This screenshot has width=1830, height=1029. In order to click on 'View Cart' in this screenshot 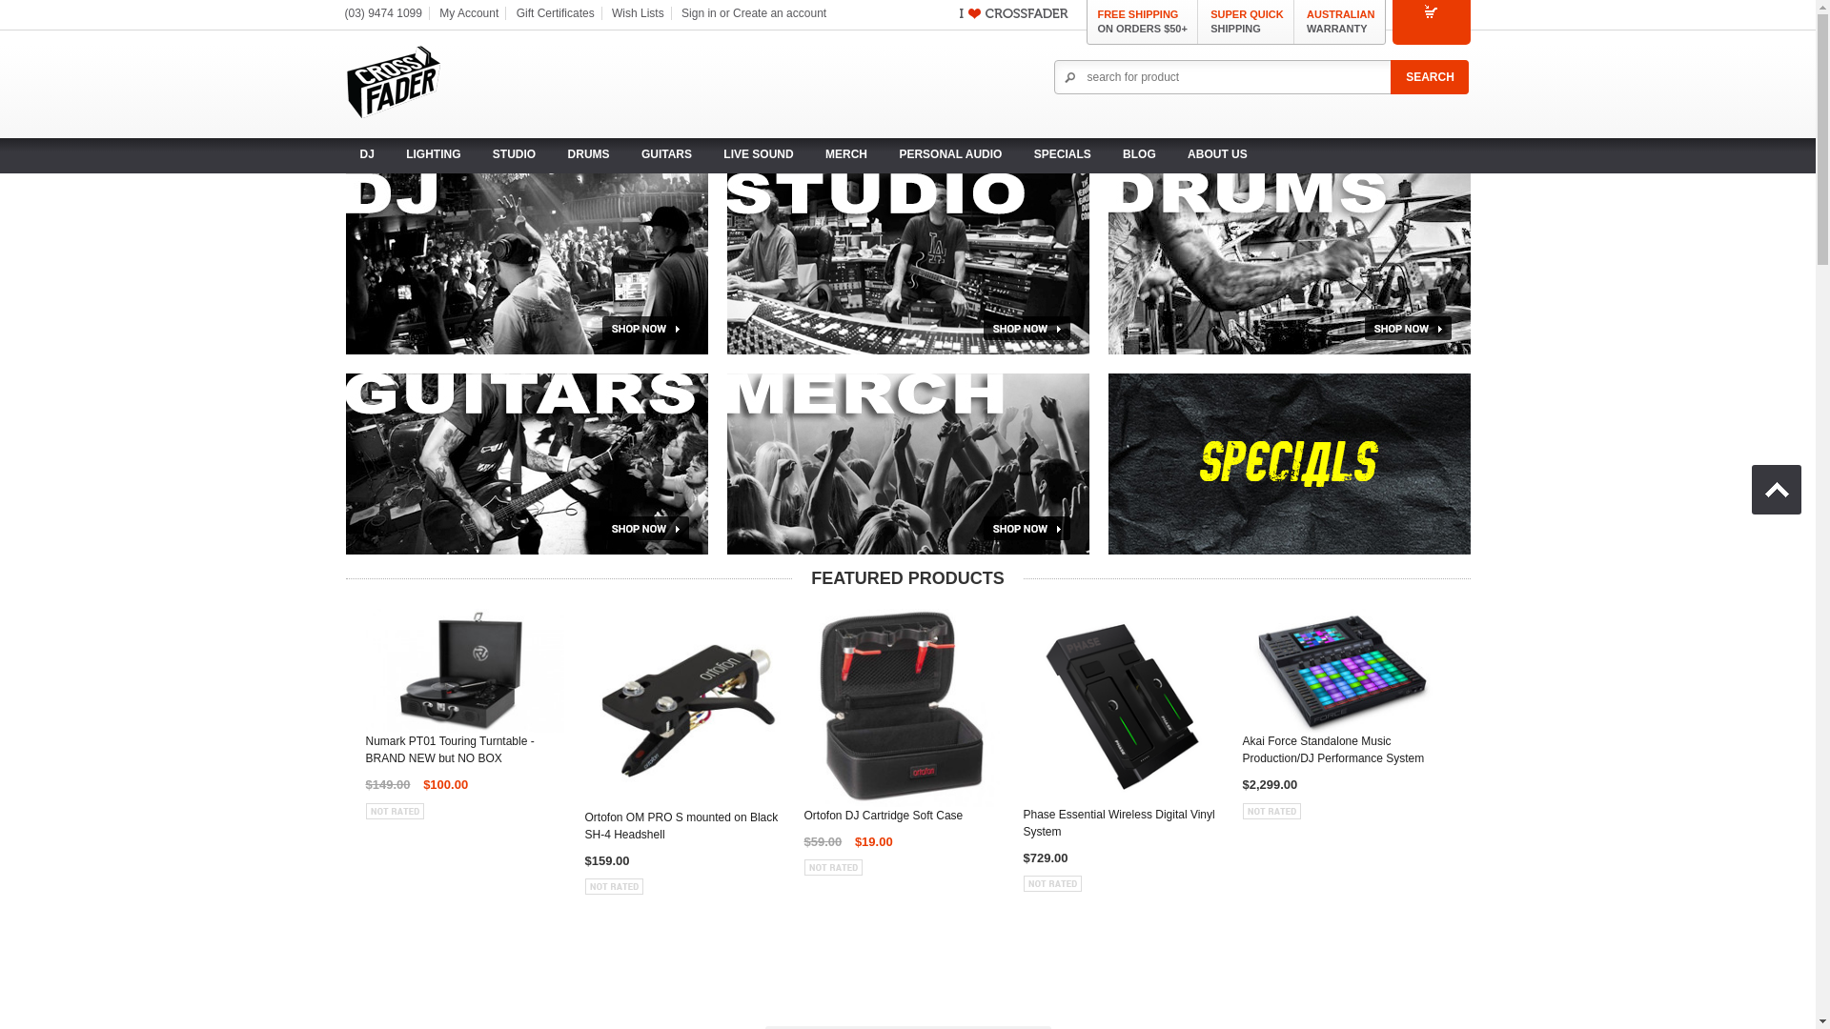, I will do `click(1431, 10)`.